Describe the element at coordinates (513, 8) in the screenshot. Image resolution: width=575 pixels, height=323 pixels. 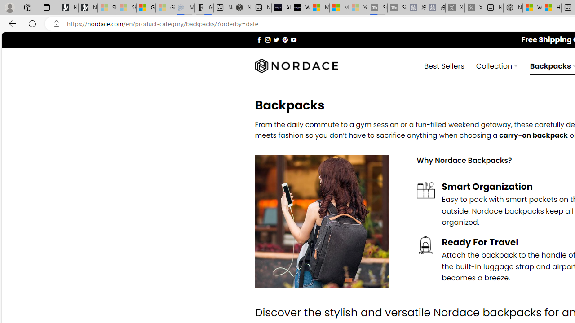
I see `'Nordace - My Account'` at that location.